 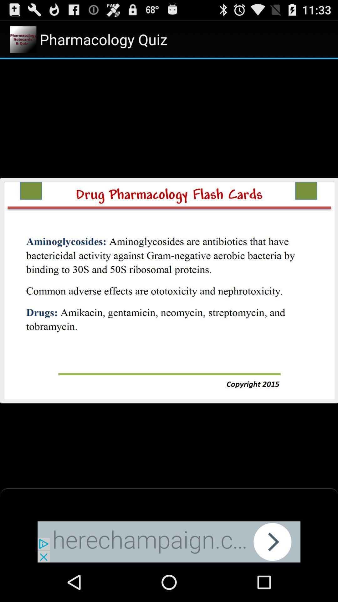 I want to click on advertisement, so click(x=169, y=541).